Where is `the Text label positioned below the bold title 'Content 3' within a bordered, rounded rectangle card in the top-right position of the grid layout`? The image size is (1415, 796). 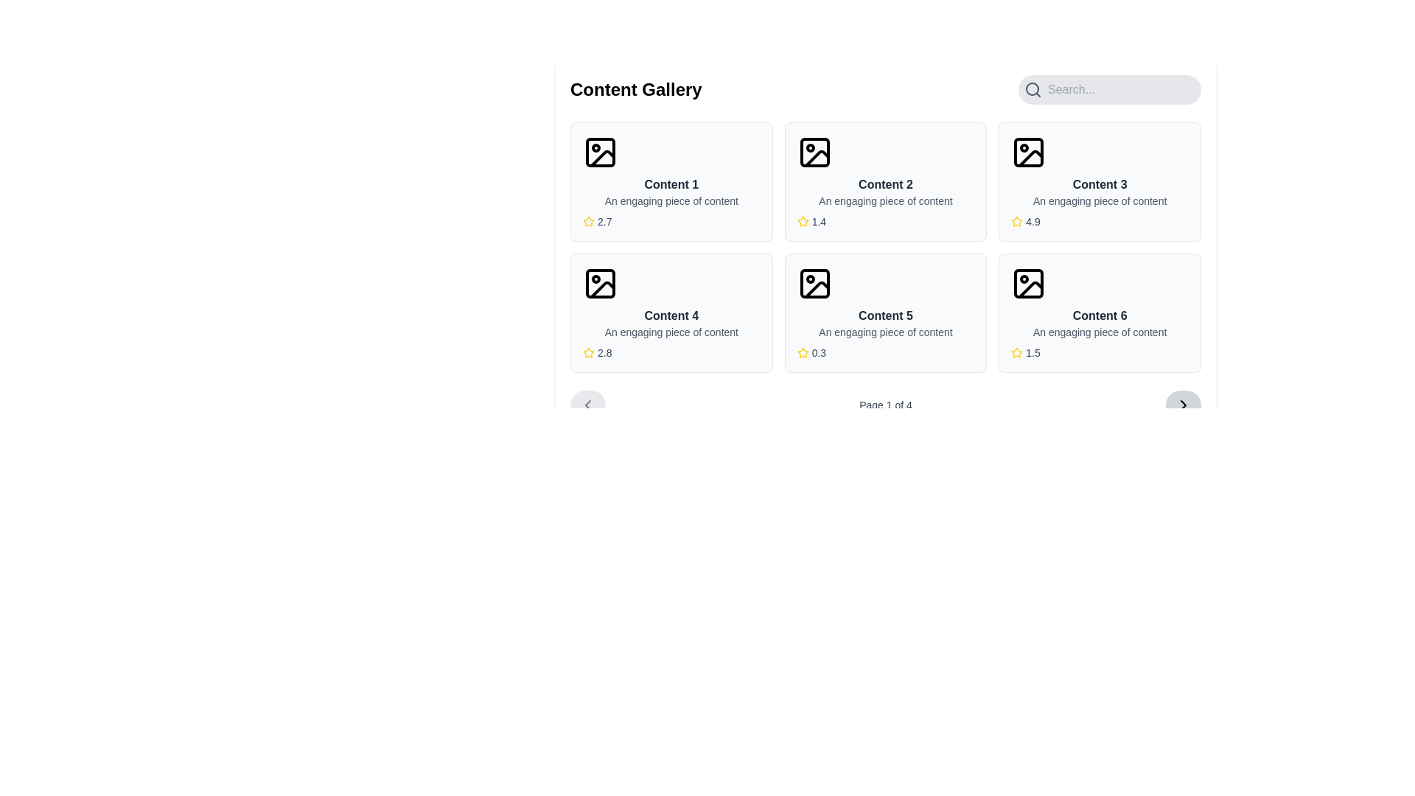
the Text label positioned below the bold title 'Content 3' within a bordered, rounded rectangle card in the top-right position of the grid layout is located at coordinates (1100, 201).